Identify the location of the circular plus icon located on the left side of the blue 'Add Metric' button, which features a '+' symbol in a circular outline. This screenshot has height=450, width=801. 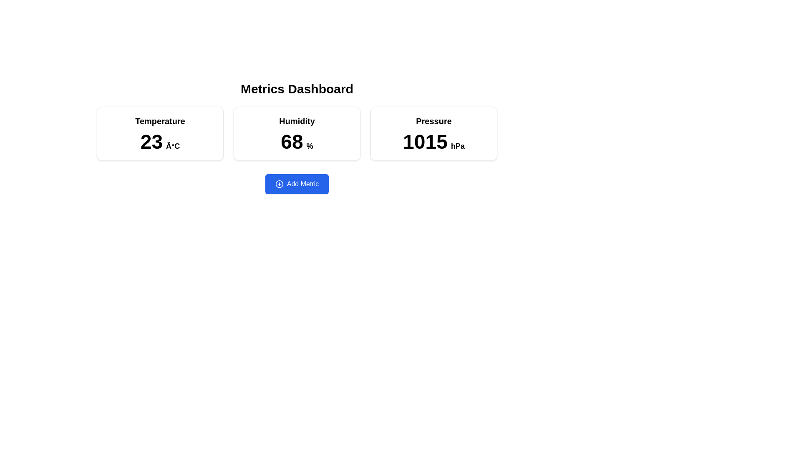
(279, 184).